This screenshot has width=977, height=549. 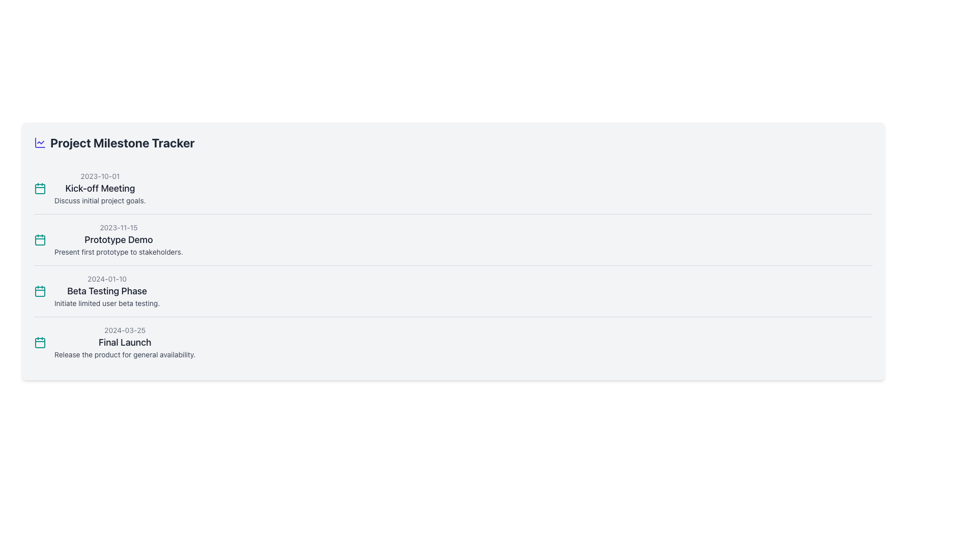 I want to click on the calendar icon associated with the 'Final Launch' milestone for the date '2024-03-25', so click(x=40, y=343).